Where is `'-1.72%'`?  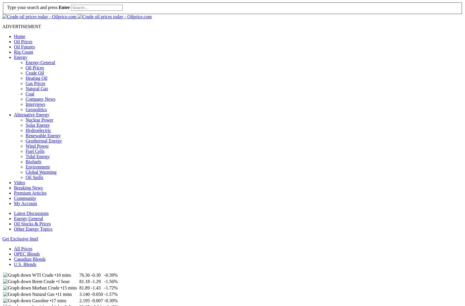
'-1.72%' is located at coordinates (111, 287).